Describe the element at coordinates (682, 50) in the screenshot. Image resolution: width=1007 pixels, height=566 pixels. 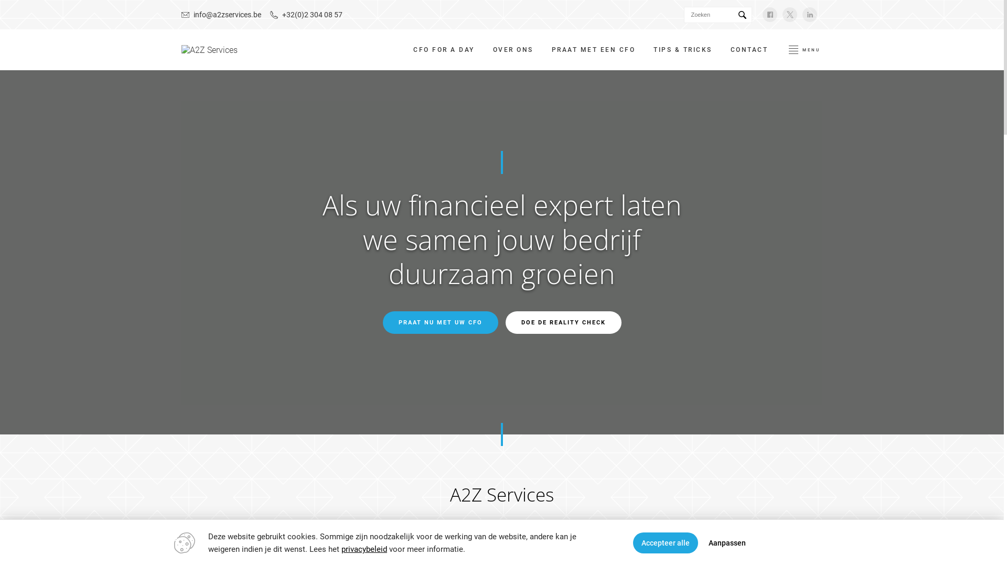
I see `'TIPS & TRICKS'` at that location.